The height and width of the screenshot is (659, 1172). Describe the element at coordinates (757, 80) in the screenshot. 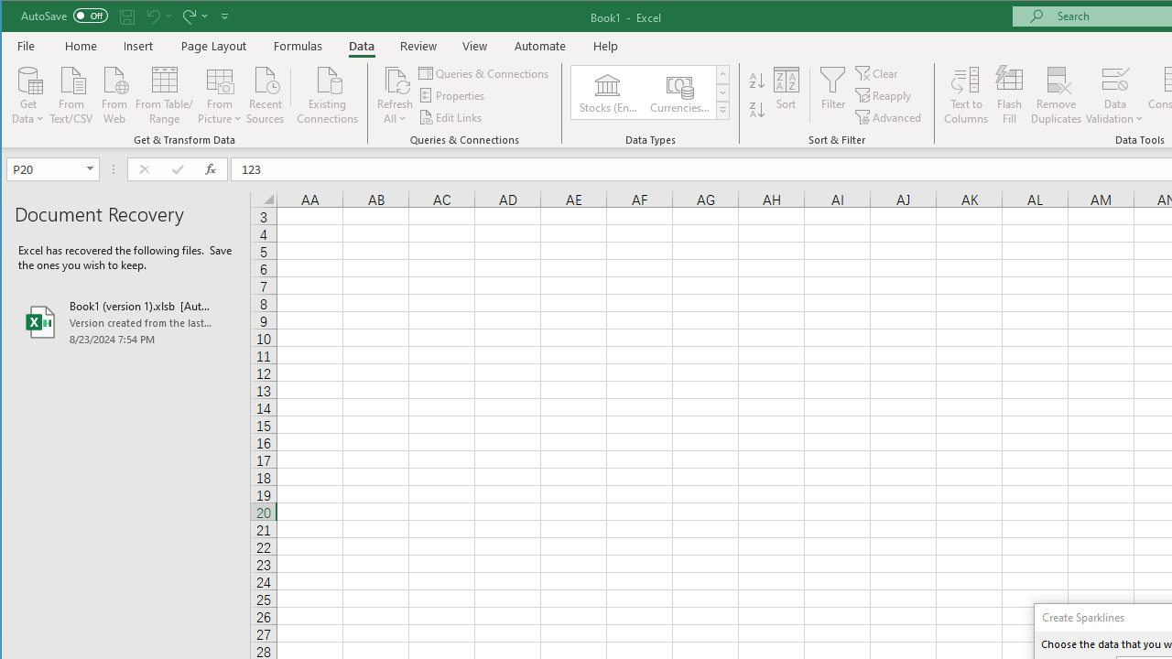

I see `'Sort Smallest to Largest'` at that location.